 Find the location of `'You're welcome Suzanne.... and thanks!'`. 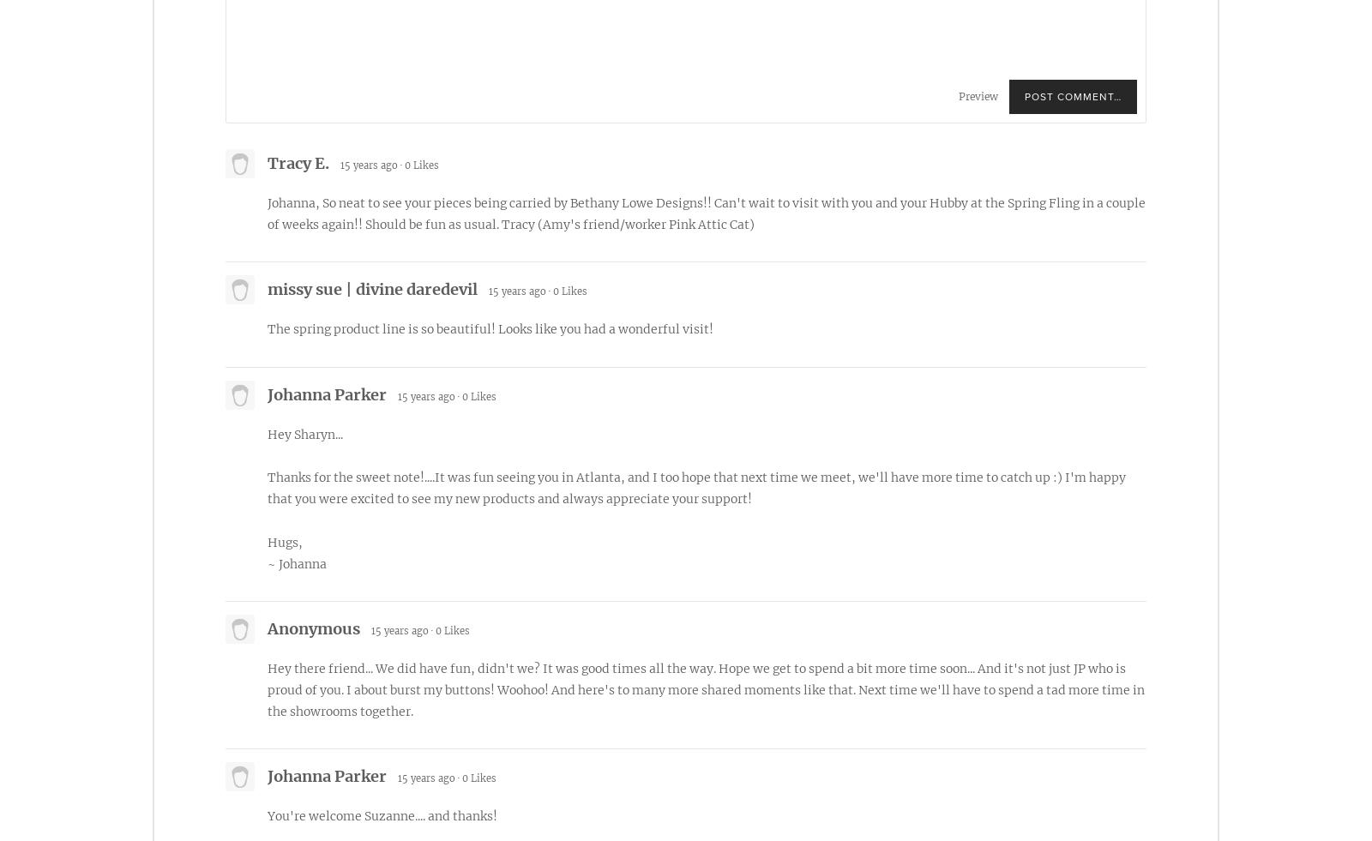

'You're welcome Suzanne.... and thanks!' is located at coordinates (268, 815).